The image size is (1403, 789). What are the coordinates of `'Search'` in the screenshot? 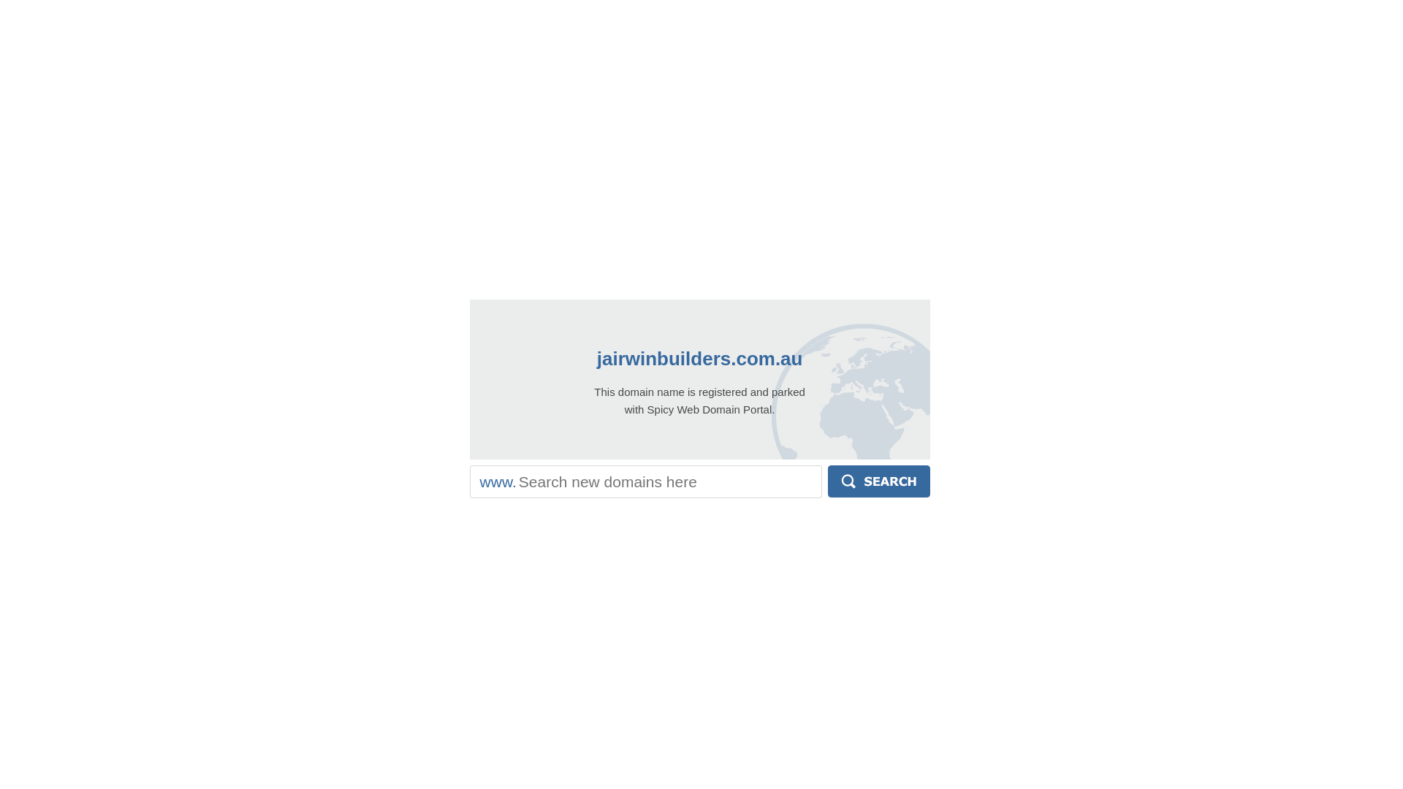 It's located at (878, 481).